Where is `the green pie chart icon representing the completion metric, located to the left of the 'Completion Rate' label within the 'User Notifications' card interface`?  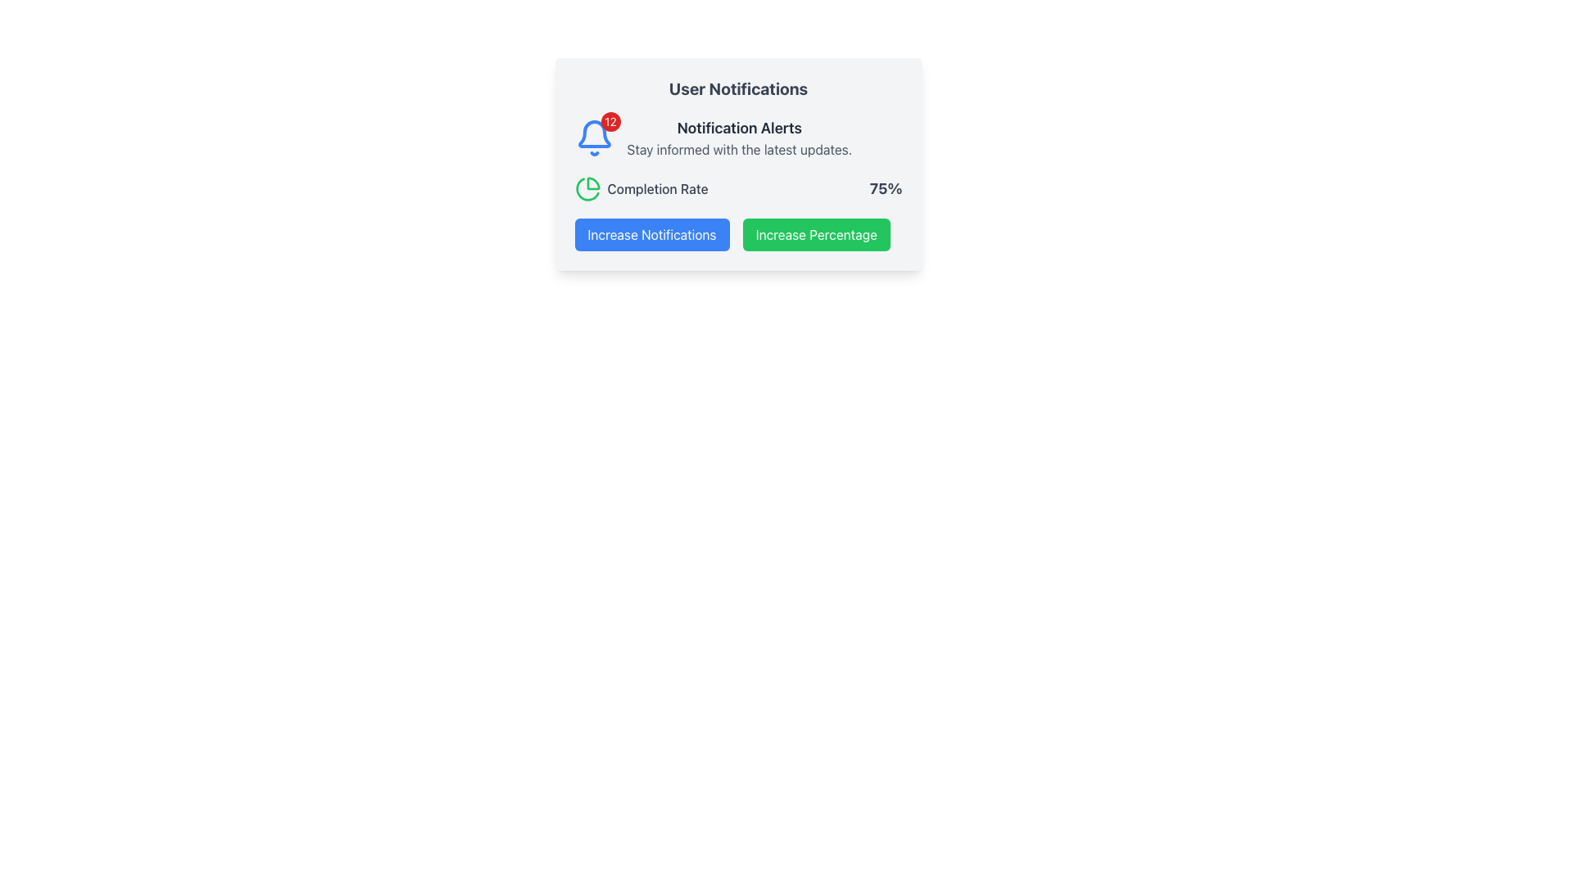
the green pie chart icon representing the completion metric, located to the left of the 'Completion Rate' label within the 'User Notifications' card interface is located at coordinates (587, 188).